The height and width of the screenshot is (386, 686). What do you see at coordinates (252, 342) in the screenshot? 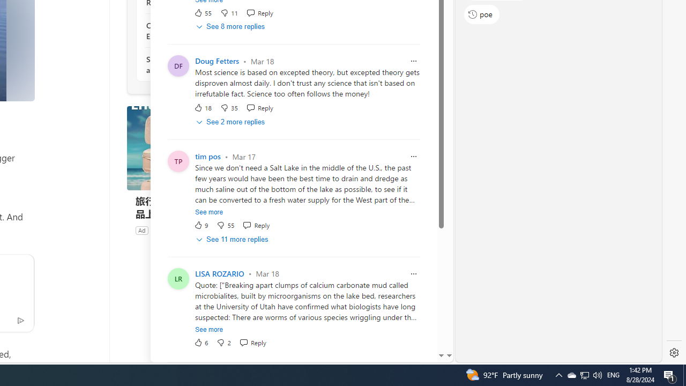
I see `'Reply Reply Comment'` at bounding box center [252, 342].